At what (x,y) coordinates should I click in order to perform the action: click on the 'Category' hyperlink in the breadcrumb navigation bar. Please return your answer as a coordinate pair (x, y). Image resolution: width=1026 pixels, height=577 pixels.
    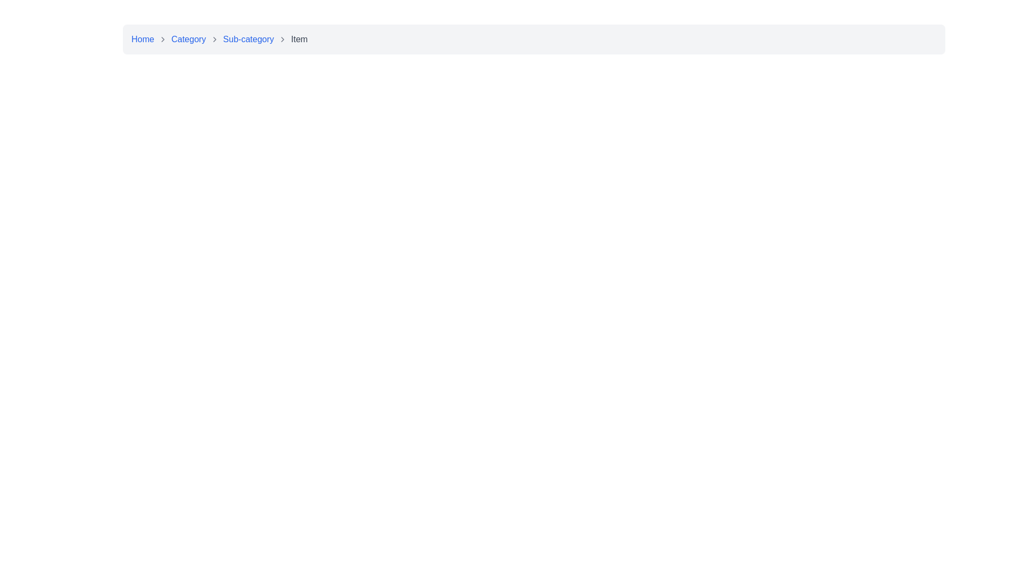
    Looking at the image, I should click on (189, 38).